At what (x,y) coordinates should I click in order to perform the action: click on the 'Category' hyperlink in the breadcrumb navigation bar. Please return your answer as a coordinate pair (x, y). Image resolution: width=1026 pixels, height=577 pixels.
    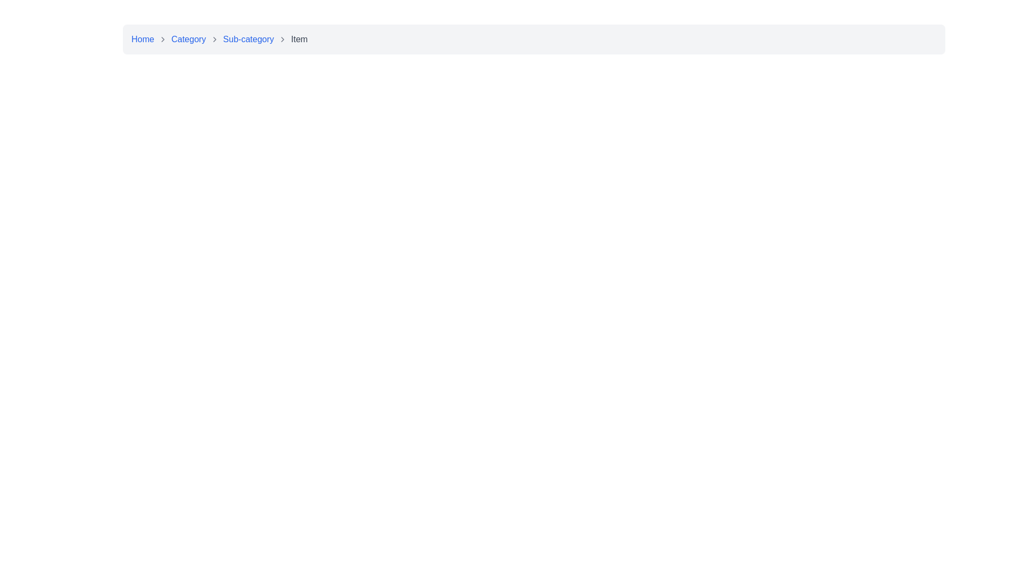
    Looking at the image, I should click on (189, 38).